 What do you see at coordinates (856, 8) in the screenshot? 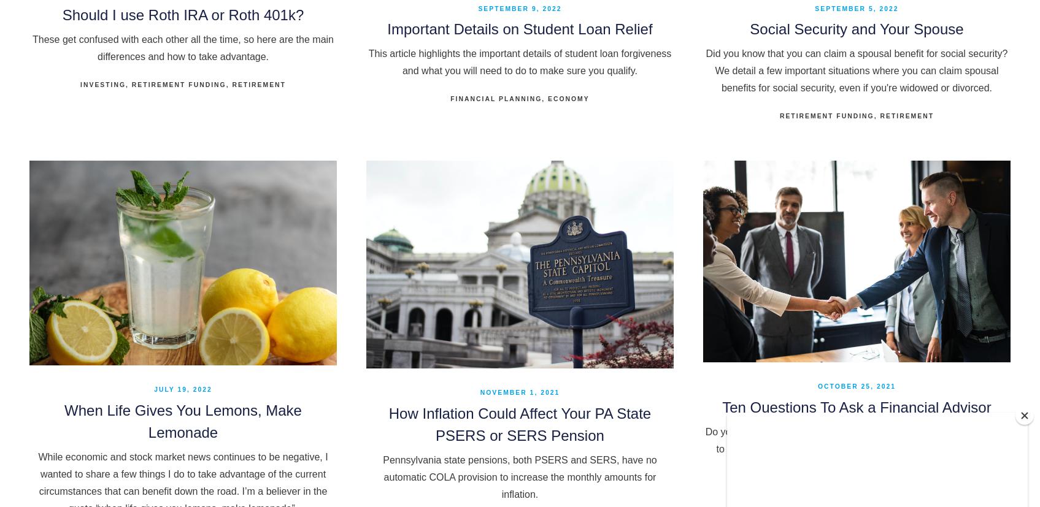
I see `'September 5, 2022'` at bounding box center [856, 8].